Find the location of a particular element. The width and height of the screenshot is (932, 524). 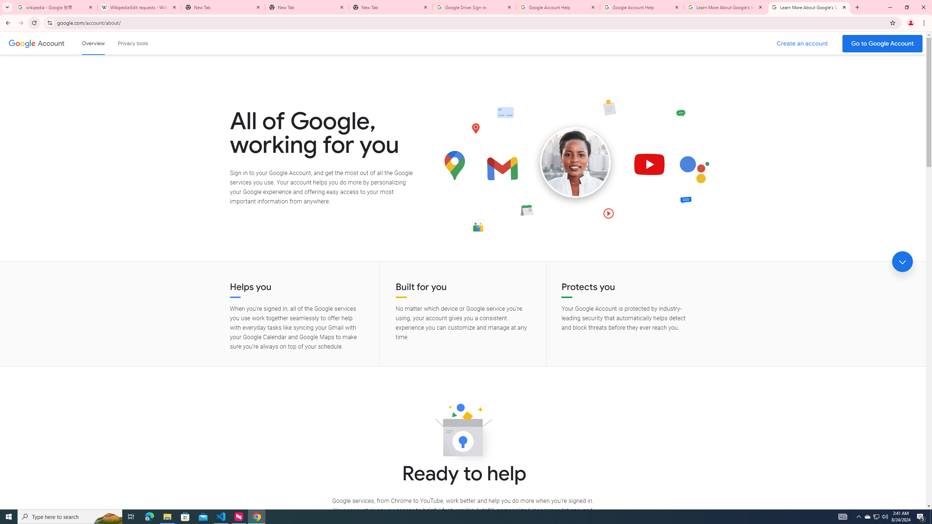

'Google Account overview' is located at coordinates (93, 43).